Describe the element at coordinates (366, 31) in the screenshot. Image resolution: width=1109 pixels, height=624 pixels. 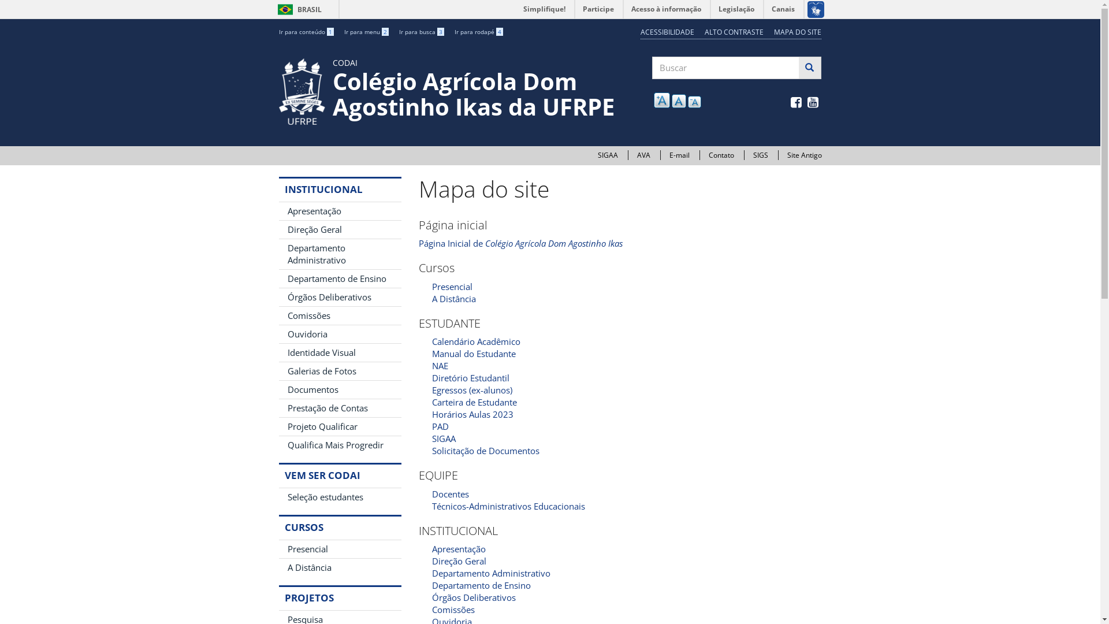
I see `'Ir para menu 2'` at that location.